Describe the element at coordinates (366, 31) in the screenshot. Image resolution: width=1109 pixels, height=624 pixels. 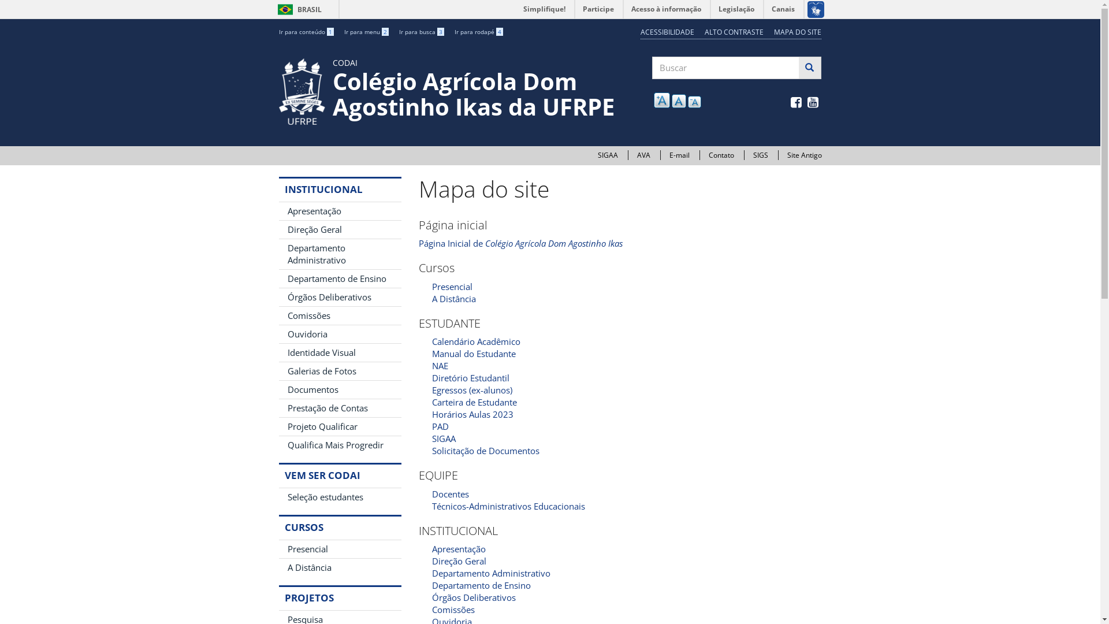
I see `'Ir para menu 2'` at that location.